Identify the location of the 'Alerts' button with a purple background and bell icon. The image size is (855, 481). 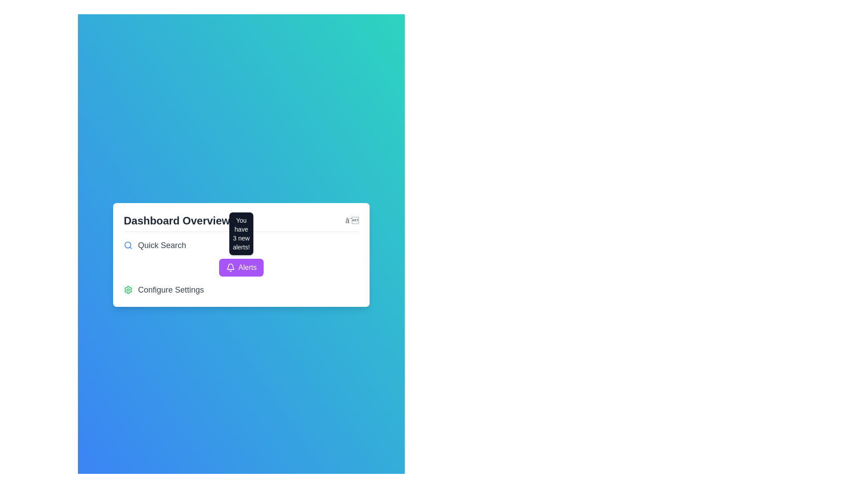
(241, 267).